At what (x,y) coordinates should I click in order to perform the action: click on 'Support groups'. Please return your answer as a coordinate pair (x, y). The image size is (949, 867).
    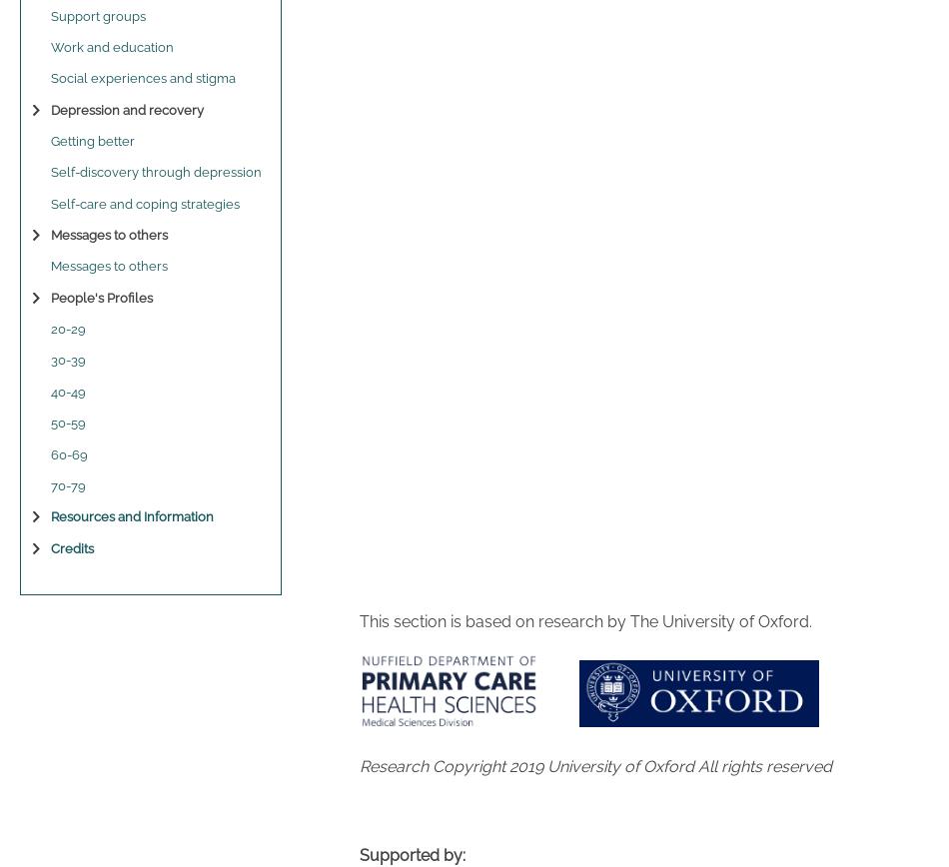
    Looking at the image, I should click on (98, 15).